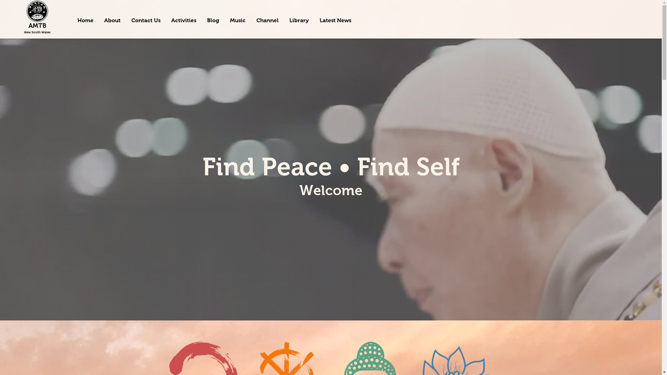 This screenshot has height=375, width=667. I want to click on 'Activities', so click(183, 20).